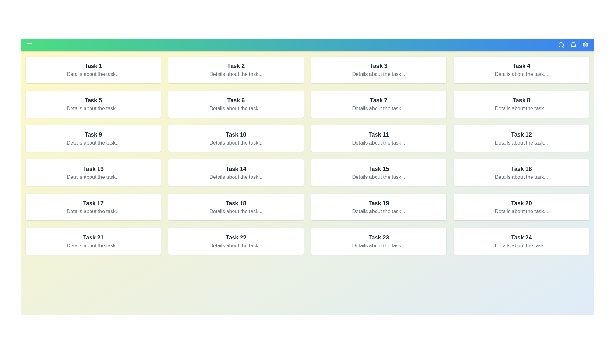  I want to click on the settings icon to access the settings menu, so click(585, 45).